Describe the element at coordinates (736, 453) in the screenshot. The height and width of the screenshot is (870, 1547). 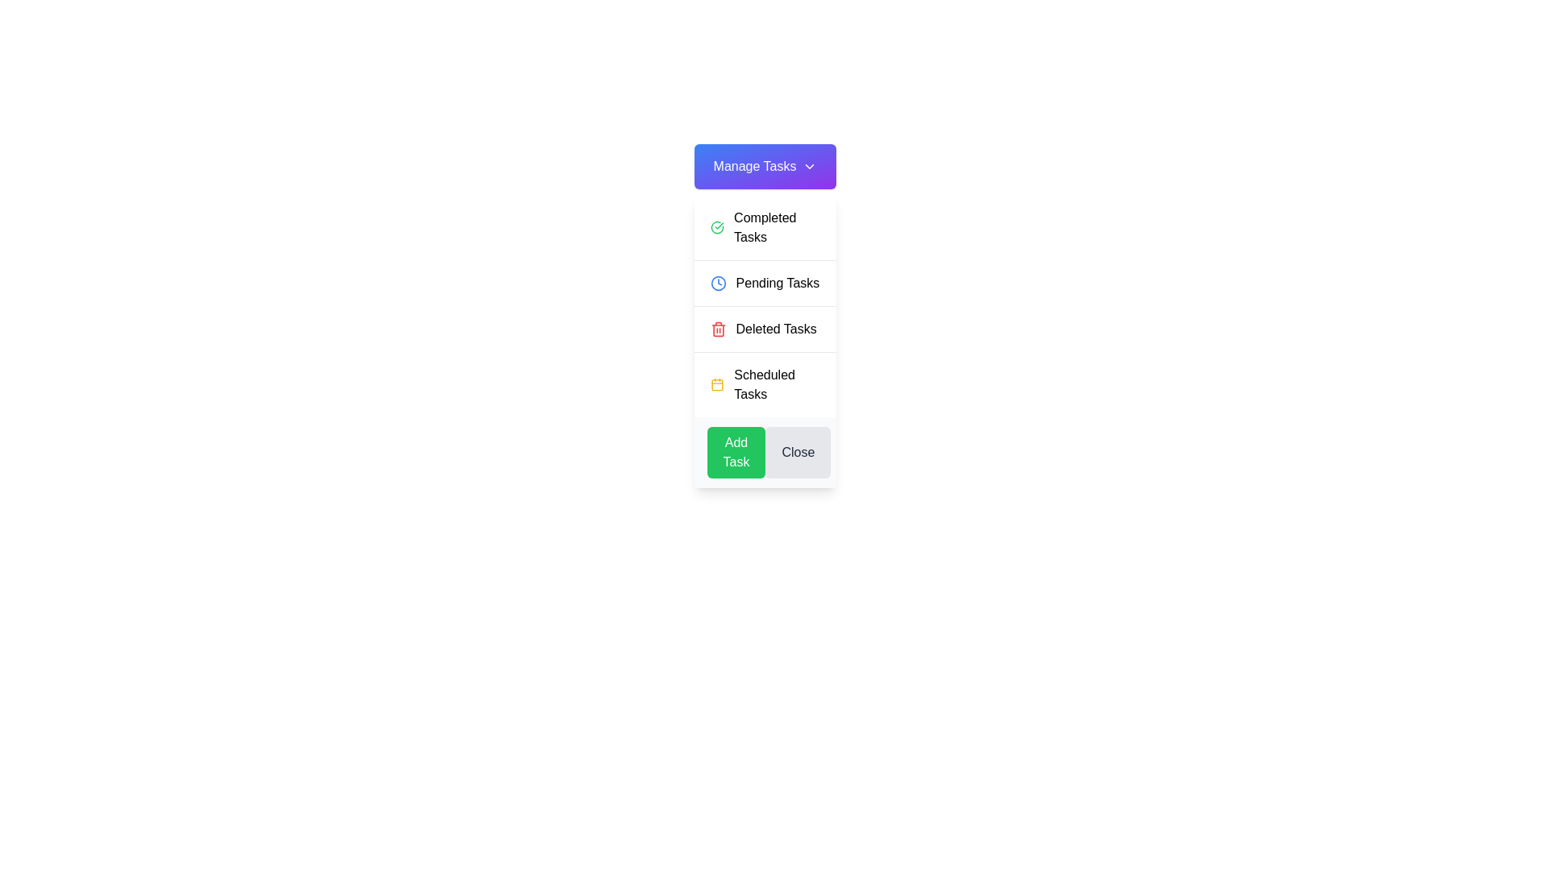
I see `the 'Add Task' button located below the list of tasks in the modal, aligned to the left within a group of two buttons` at that location.